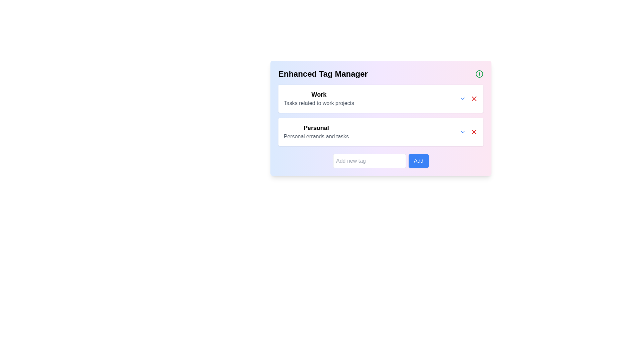 The height and width of the screenshot is (360, 641). I want to click on the rectangular button labeled 'Add' with a blue background, so click(418, 161).